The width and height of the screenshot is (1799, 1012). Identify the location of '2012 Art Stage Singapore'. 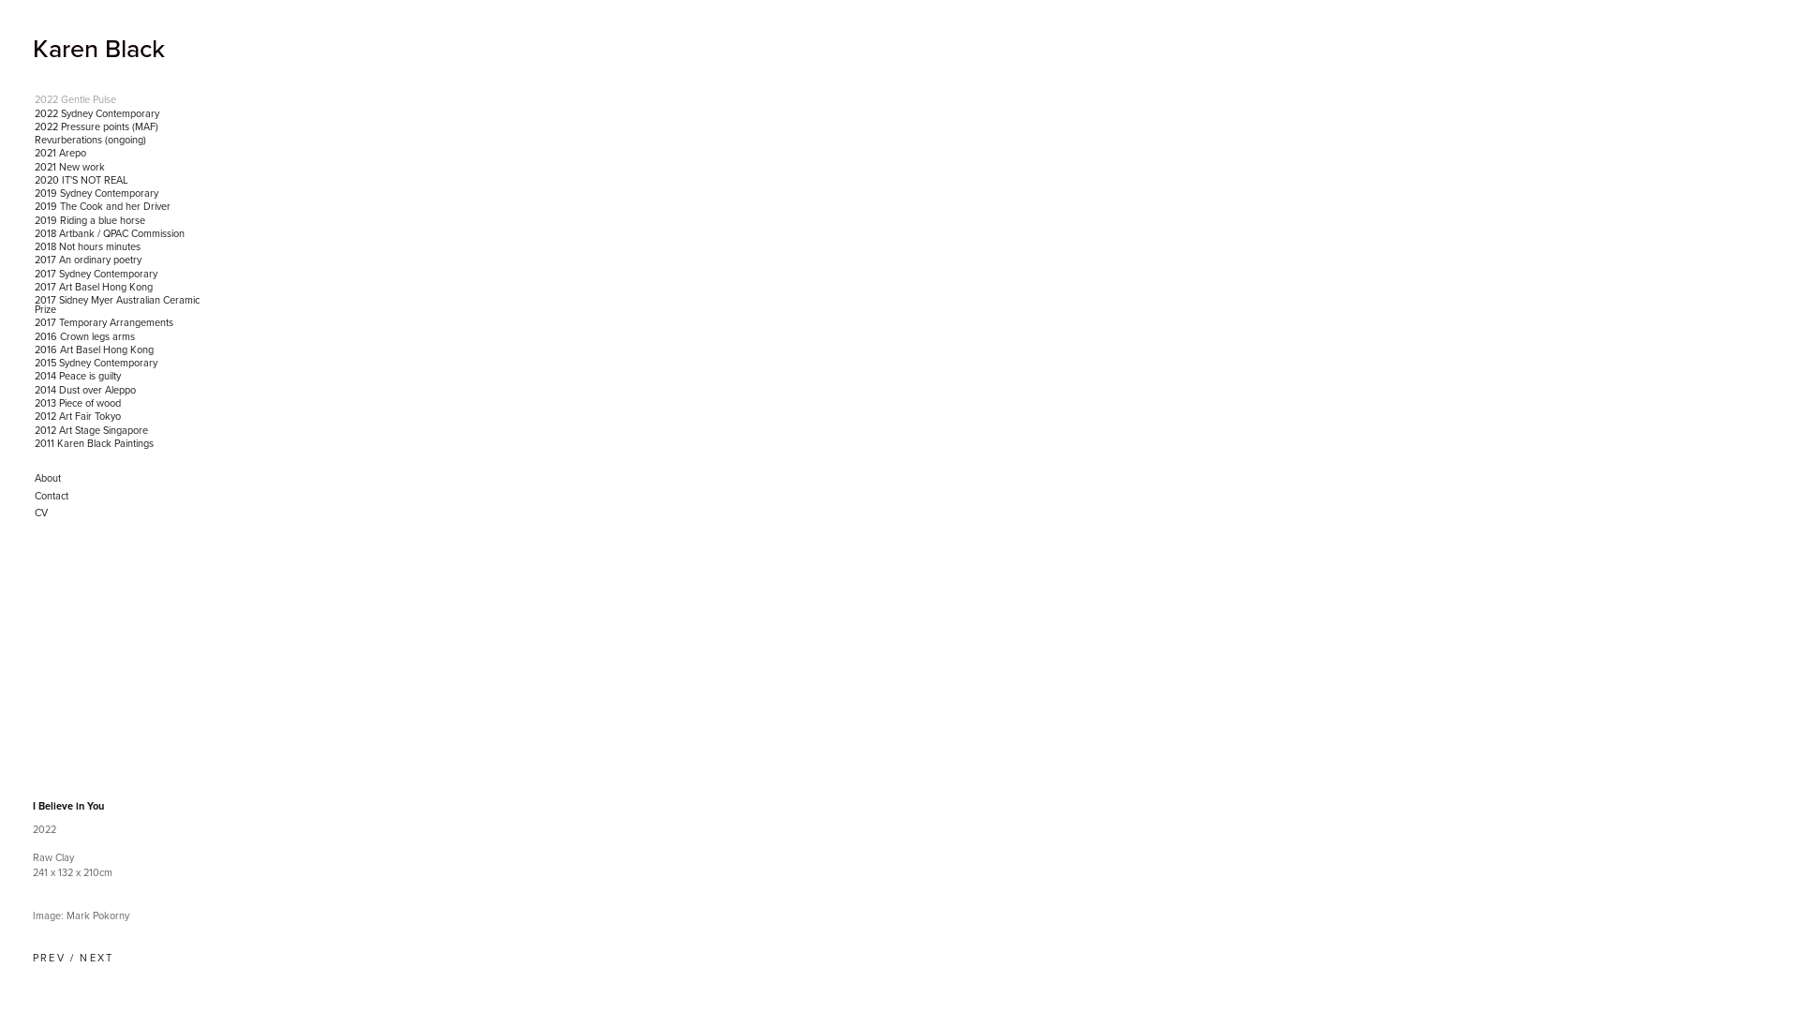
(120, 430).